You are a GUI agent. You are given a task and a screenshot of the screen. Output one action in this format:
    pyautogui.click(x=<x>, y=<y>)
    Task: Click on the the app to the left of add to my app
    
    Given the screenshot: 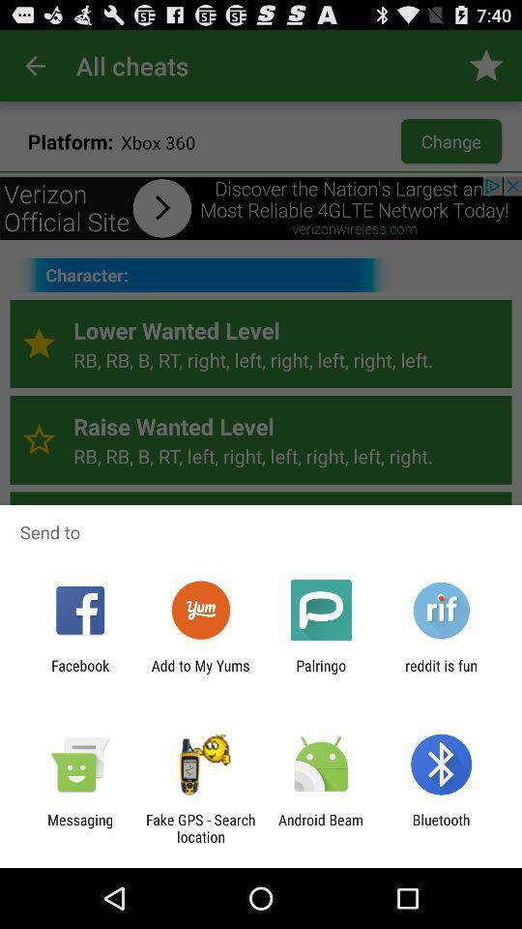 What is the action you would take?
    pyautogui.click(x=79, y=674)
    